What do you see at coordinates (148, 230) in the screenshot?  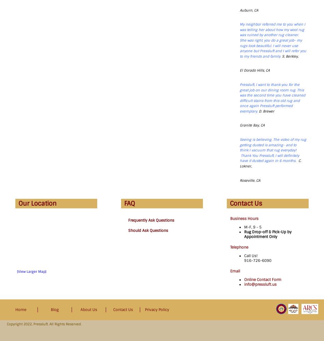 I see `'Should Ask Questions'` at bounding box center [148, 230].